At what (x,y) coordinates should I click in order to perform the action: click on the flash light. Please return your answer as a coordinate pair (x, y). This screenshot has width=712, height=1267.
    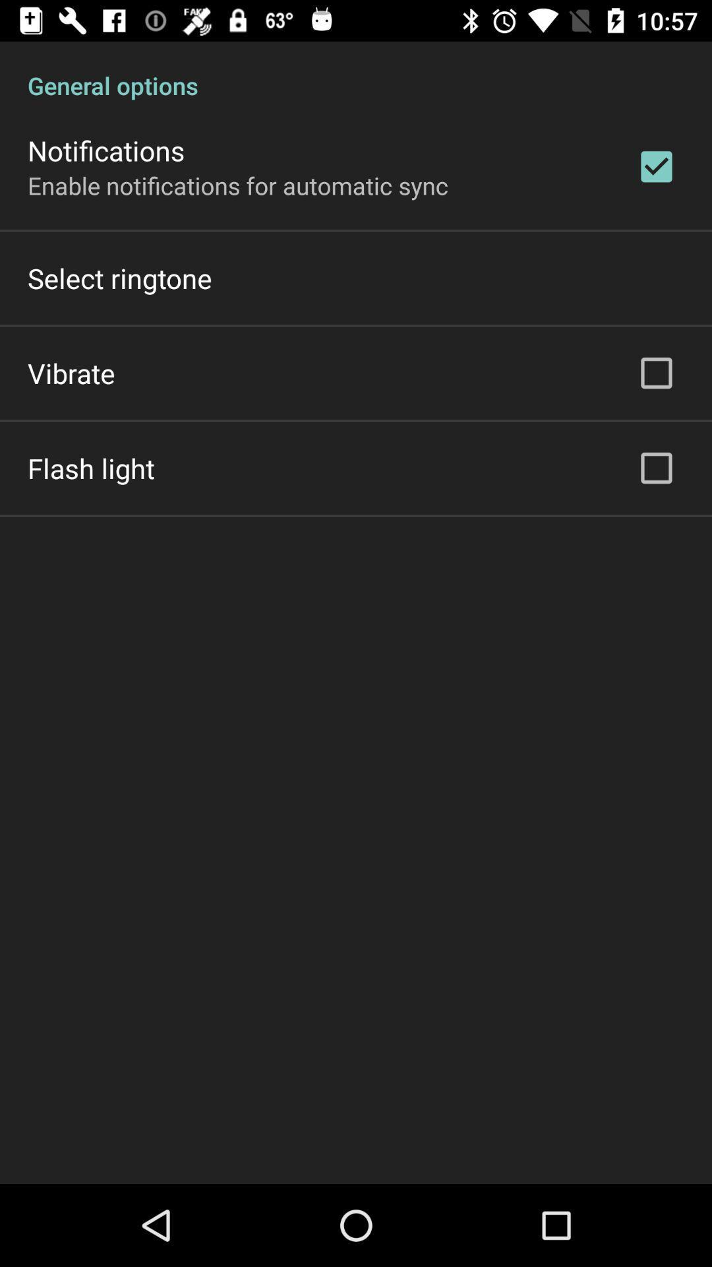
    Looking at the image, I should click on (90, 468).